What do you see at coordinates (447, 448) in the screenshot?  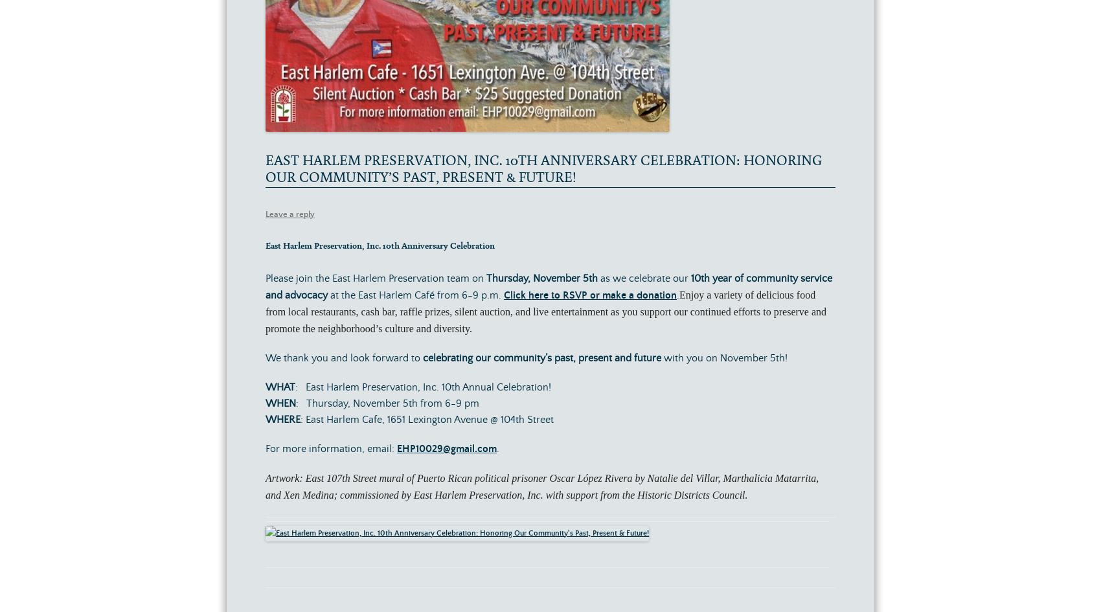 I see `'EHP10029@gmail.com'` at bounding box center [447, 448].